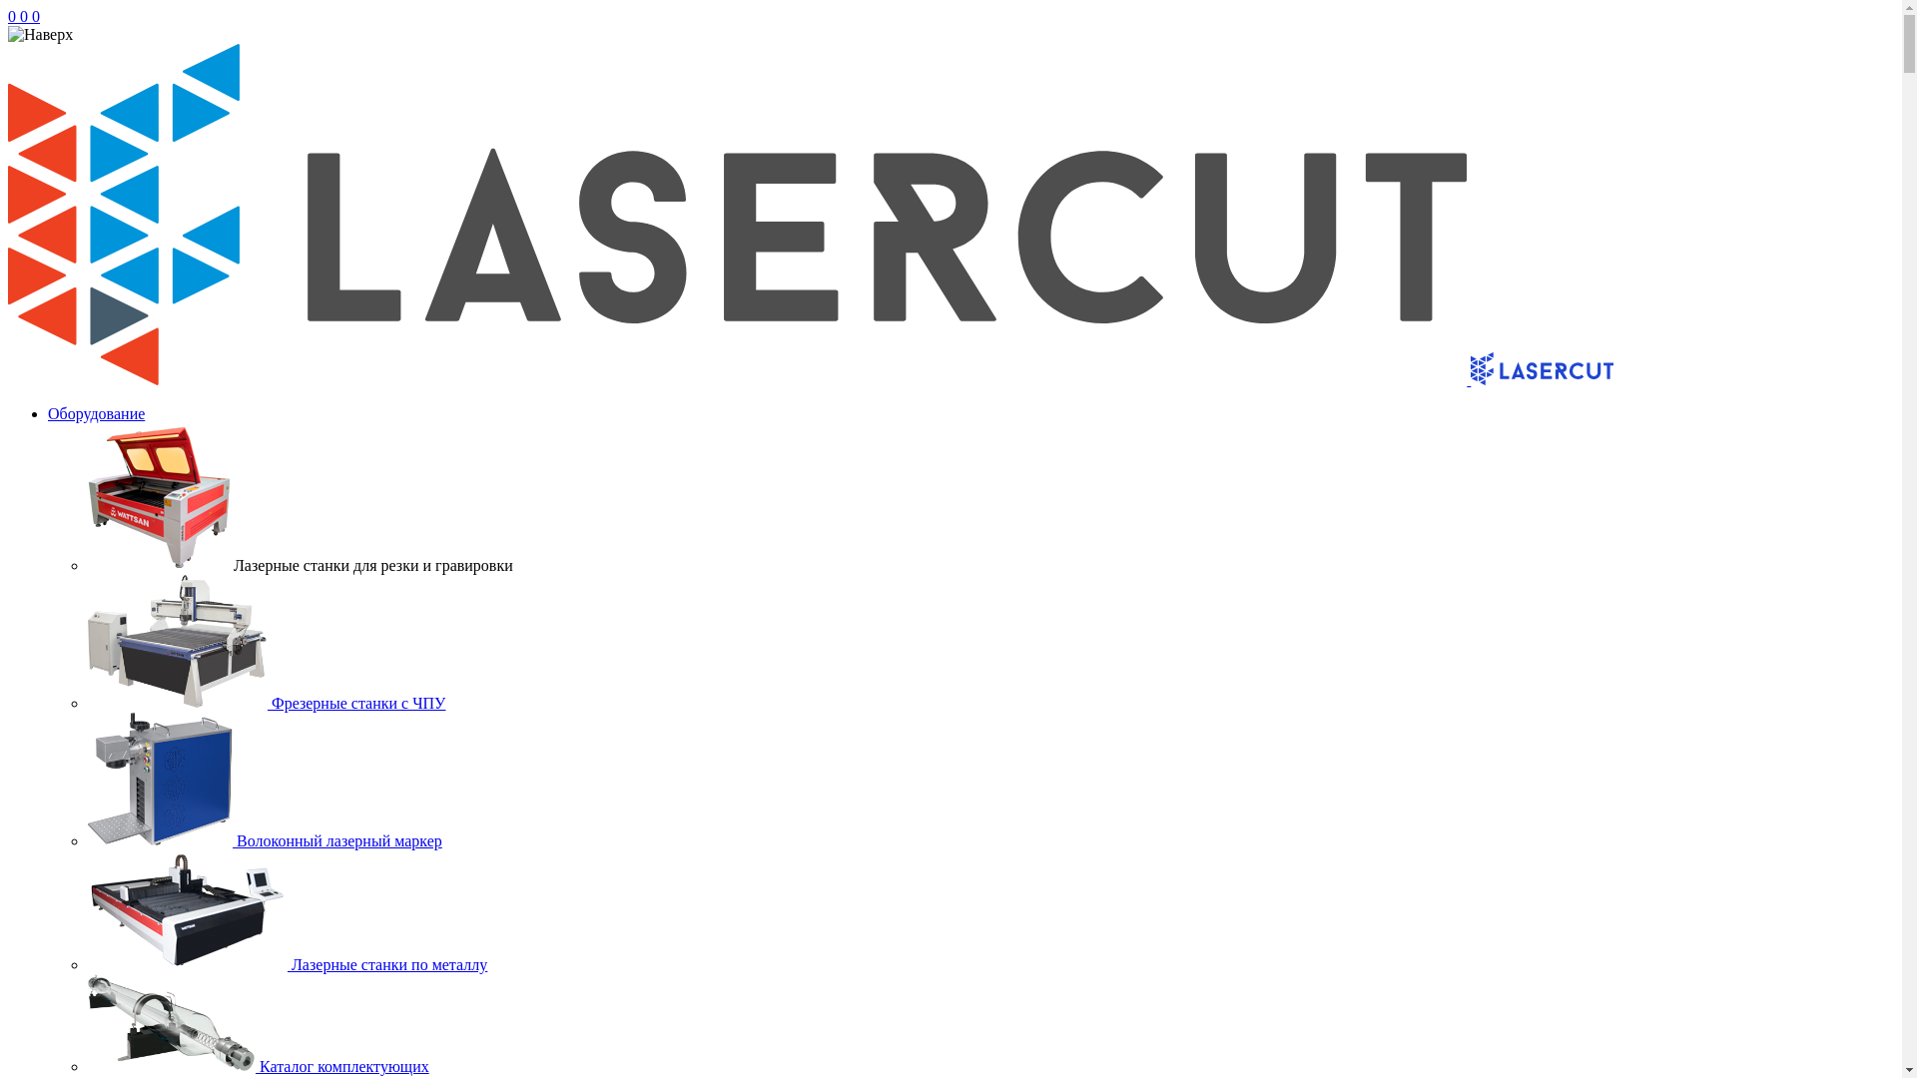 The image size is (1917, 1078). Describe the element at coordinates (35, 16) in the screenshot. I see `'0'` at that location.